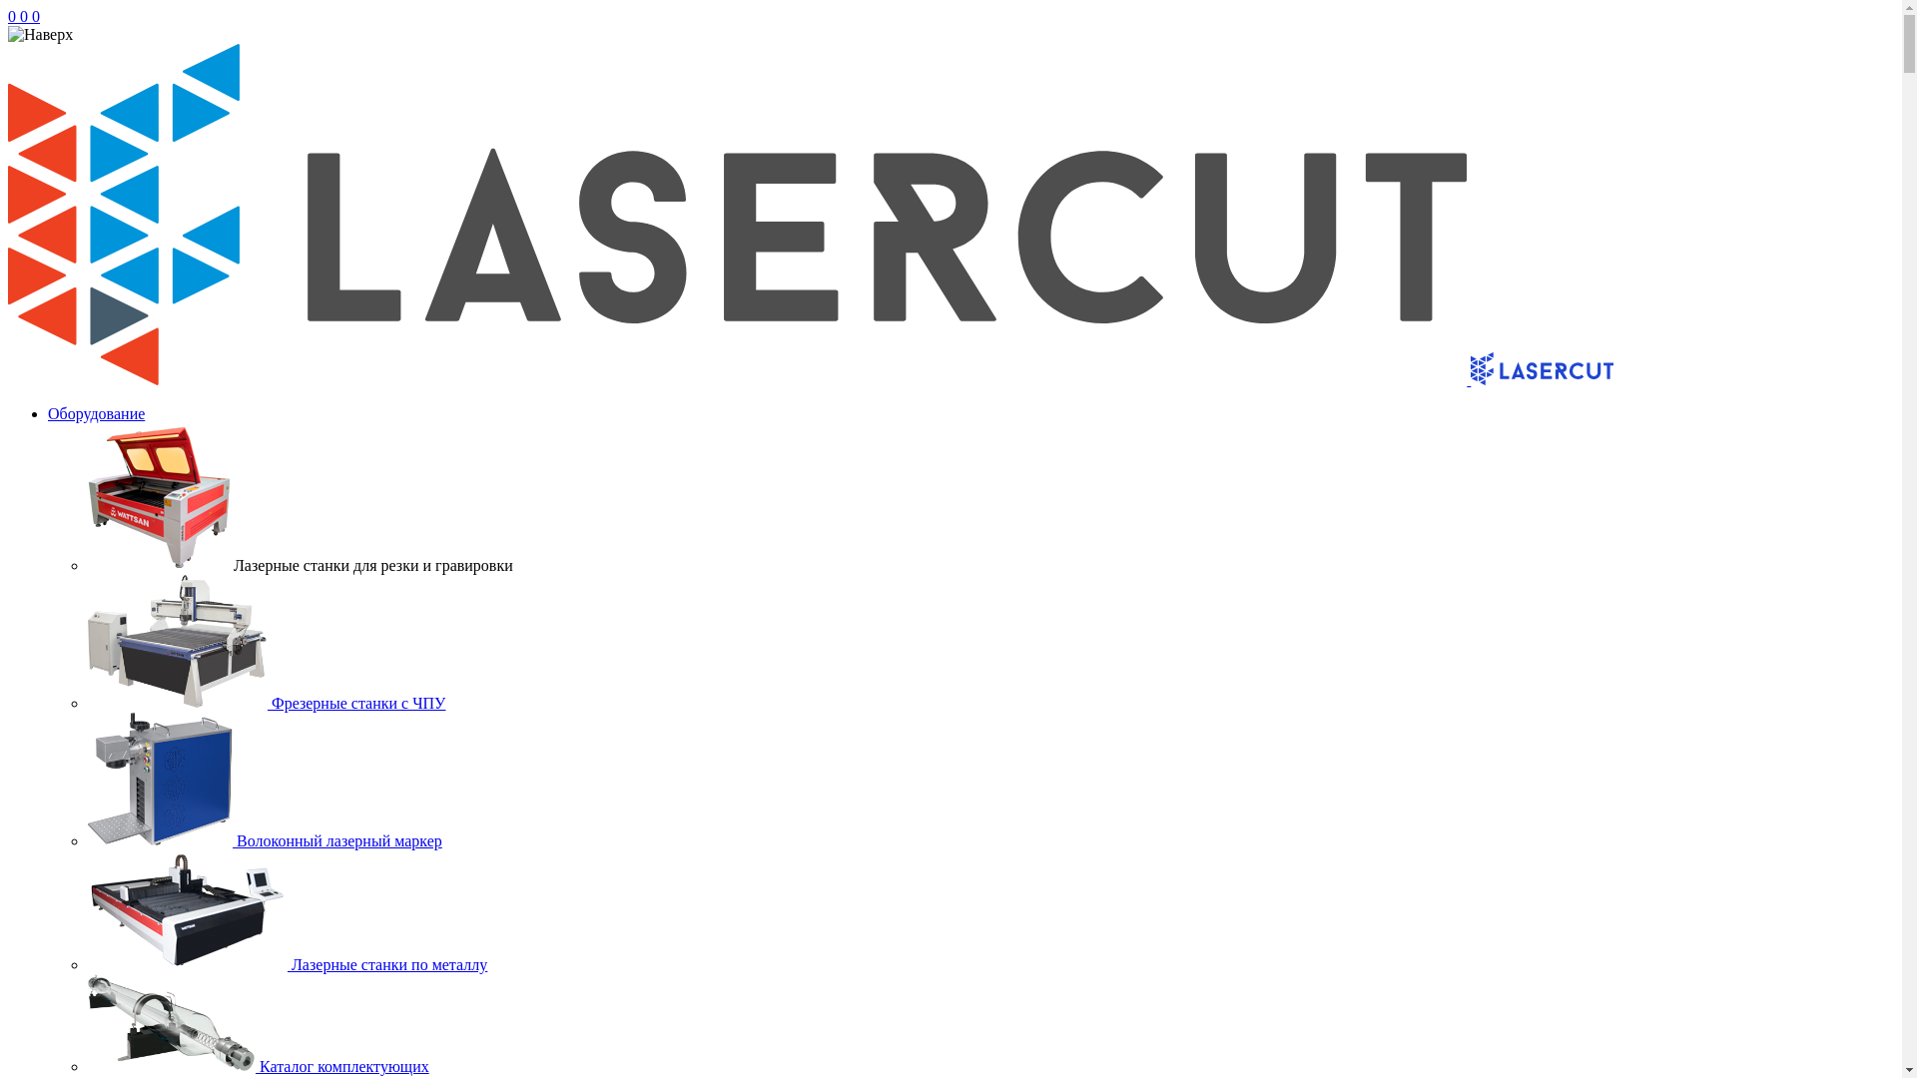 The image size is (1917, 1078). Describe the element at coordinates (35, 16) in the screenshot. I see `'0'` at that location.